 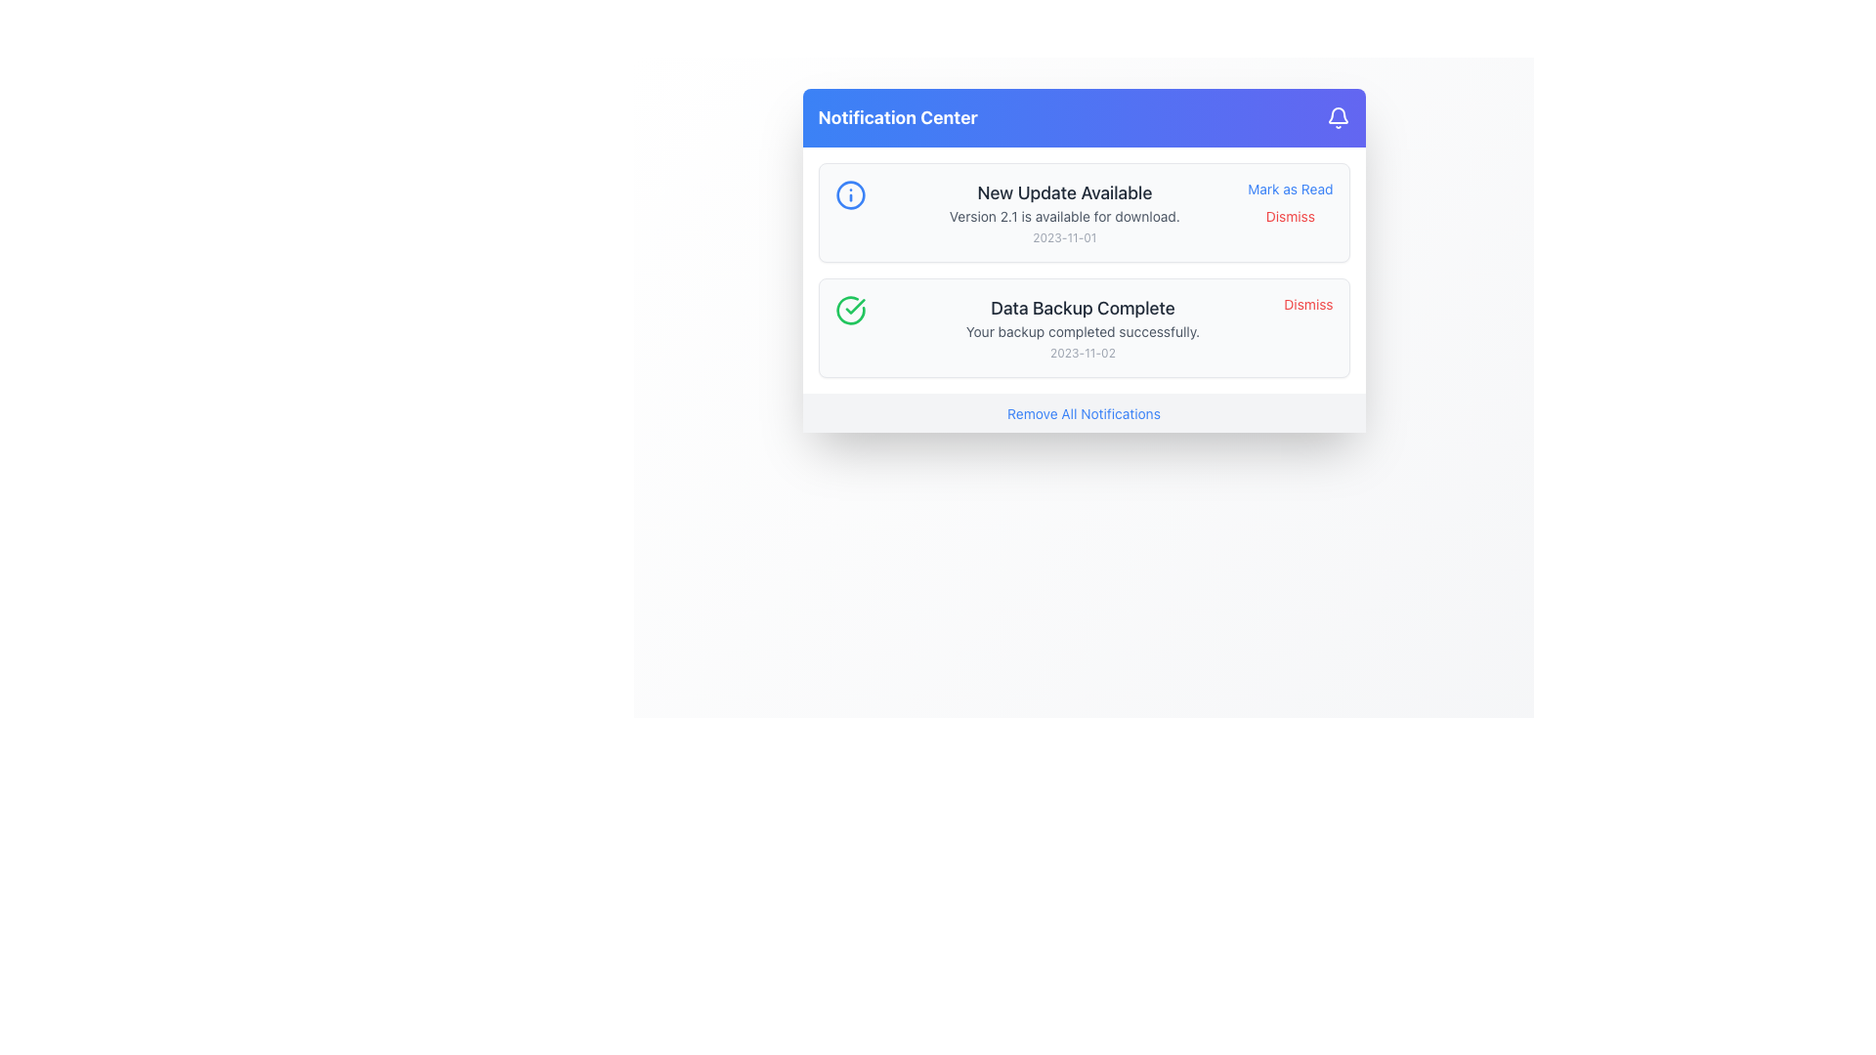 What do you see at coordinates (1290, 189) in the screenshot?
I see `the interactive link that marks the 'New Update Available' notification as read` at bounding box center [1290, 189].